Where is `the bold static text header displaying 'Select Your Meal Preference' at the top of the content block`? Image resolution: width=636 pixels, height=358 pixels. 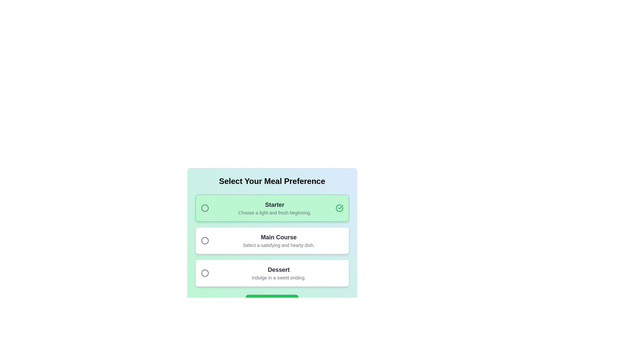
the bold static text header displaying 'Select Your Meal Preference' at the top of the content block is located at coordinates (272, 181).